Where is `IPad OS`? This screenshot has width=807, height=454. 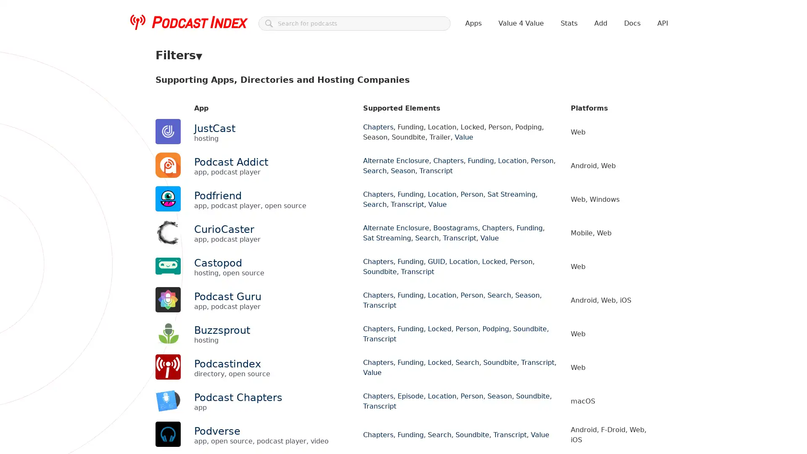 IPad OS is located at coordinates (440, 172).